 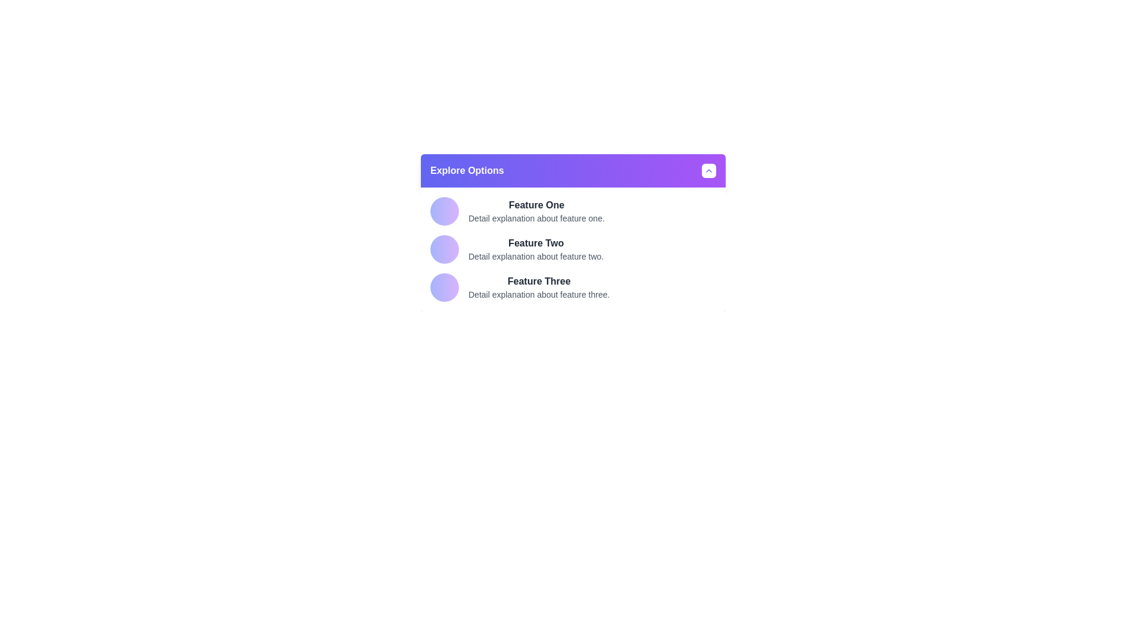 I want to click on the upward action button located in the top-right corner of the 'Explore Options' section, so click(x=708, y=170).